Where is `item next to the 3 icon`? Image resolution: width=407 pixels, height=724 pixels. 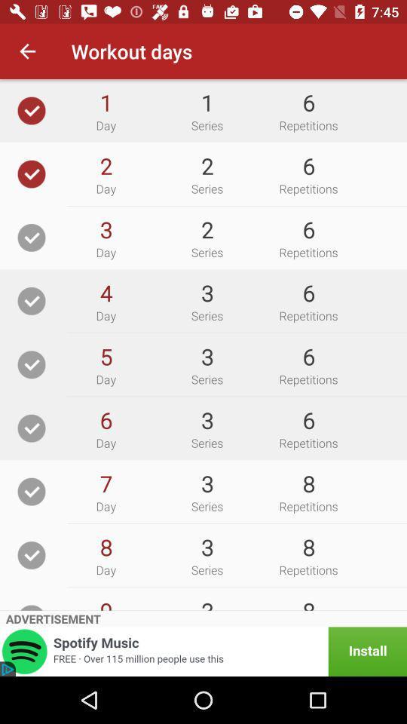 item next to the 3 icon is located at coordinates (105, 483).